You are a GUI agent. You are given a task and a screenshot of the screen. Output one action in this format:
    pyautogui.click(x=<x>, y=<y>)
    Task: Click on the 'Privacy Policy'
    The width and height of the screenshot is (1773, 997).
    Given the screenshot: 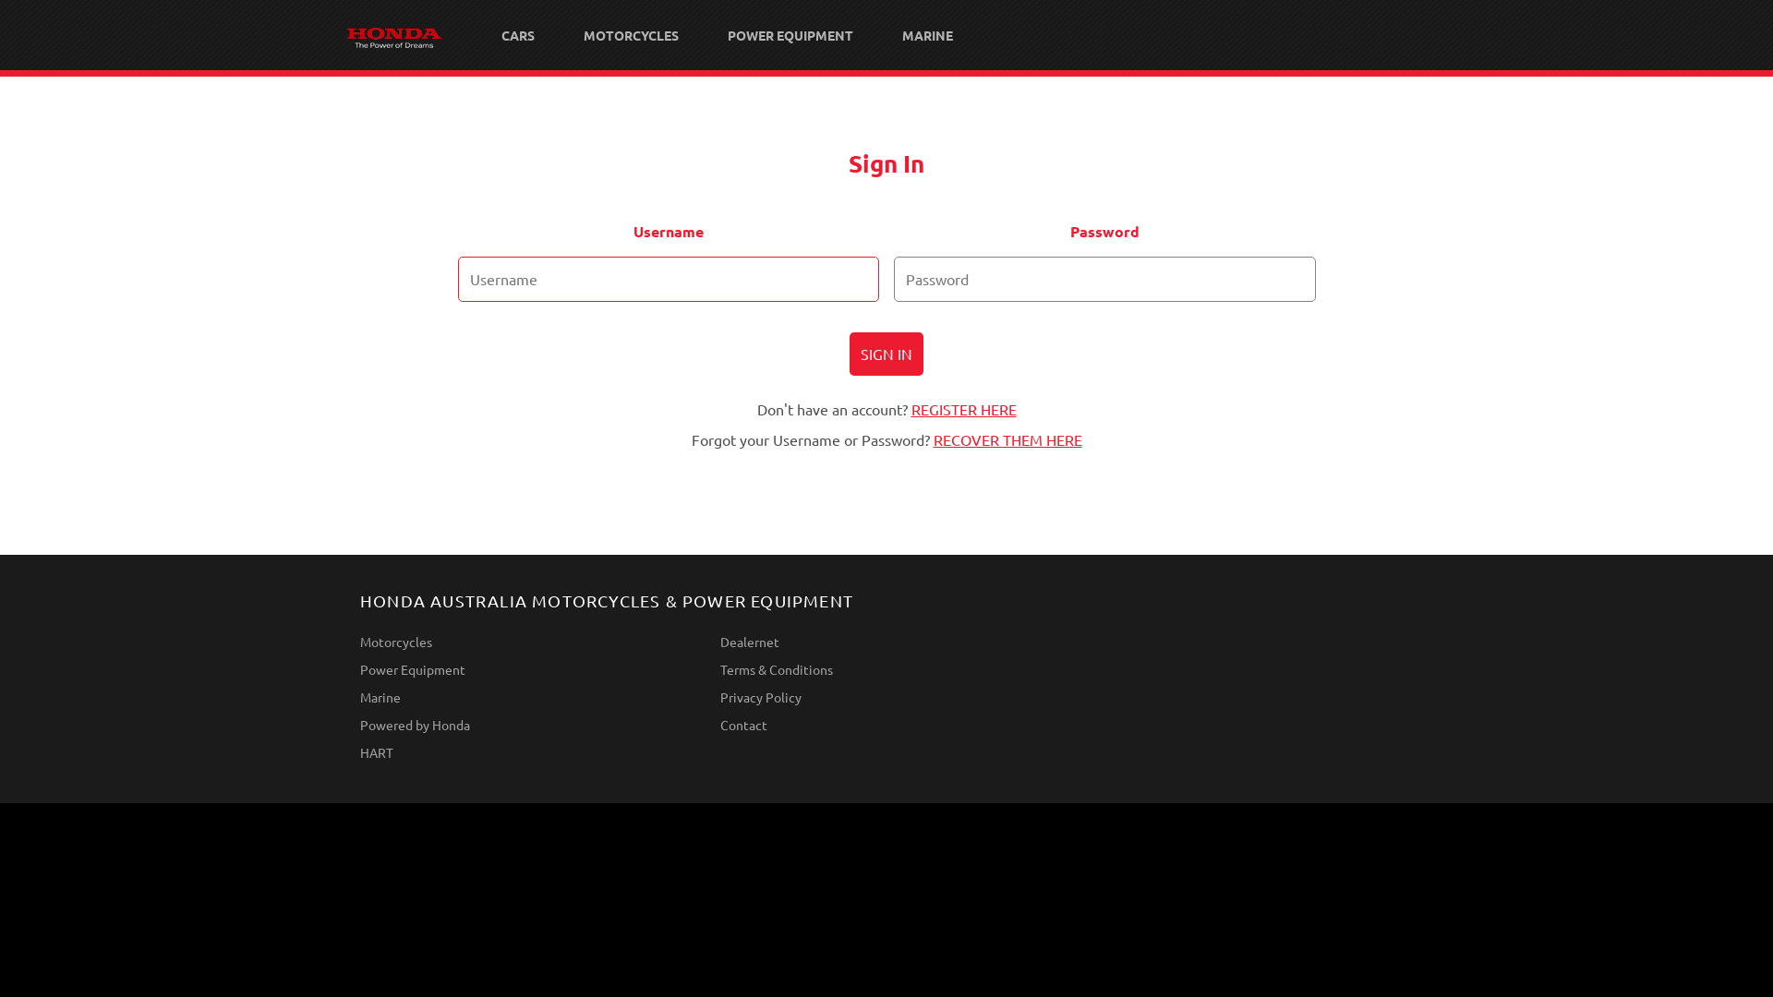 What is the action you would take?
    pyautogui.click(x=718, y=697)
    